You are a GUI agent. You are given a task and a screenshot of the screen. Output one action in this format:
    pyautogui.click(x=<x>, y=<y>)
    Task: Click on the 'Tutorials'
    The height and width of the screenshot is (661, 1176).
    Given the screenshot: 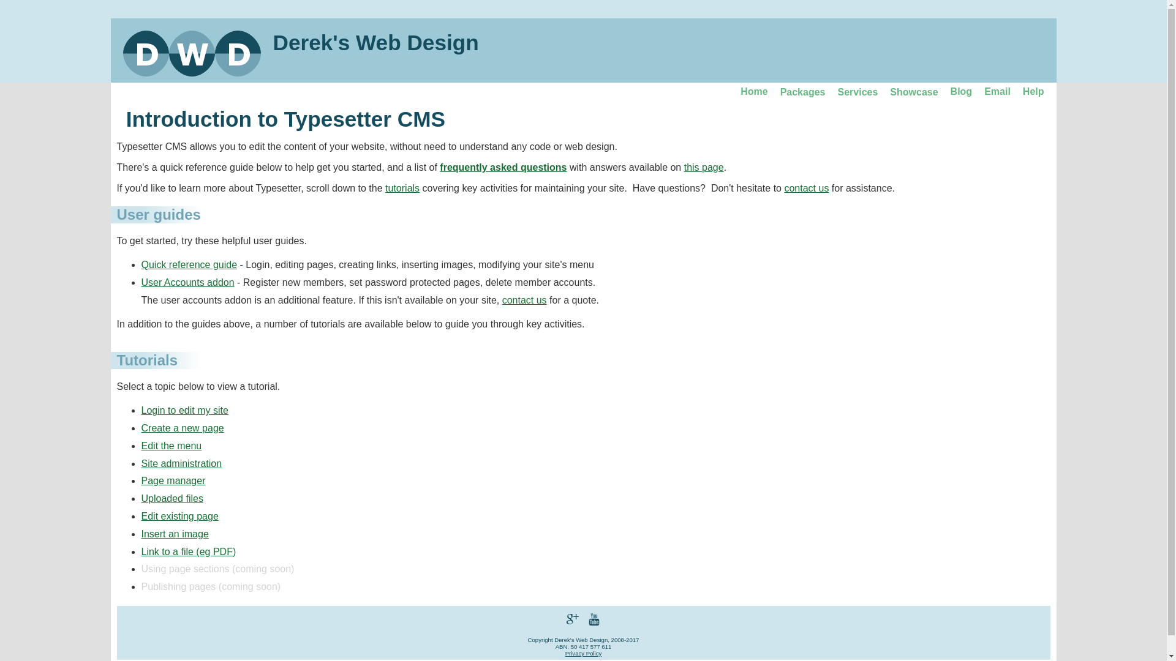 What is the action you would take?
    pyautogui.click(x=147, y=359)
    